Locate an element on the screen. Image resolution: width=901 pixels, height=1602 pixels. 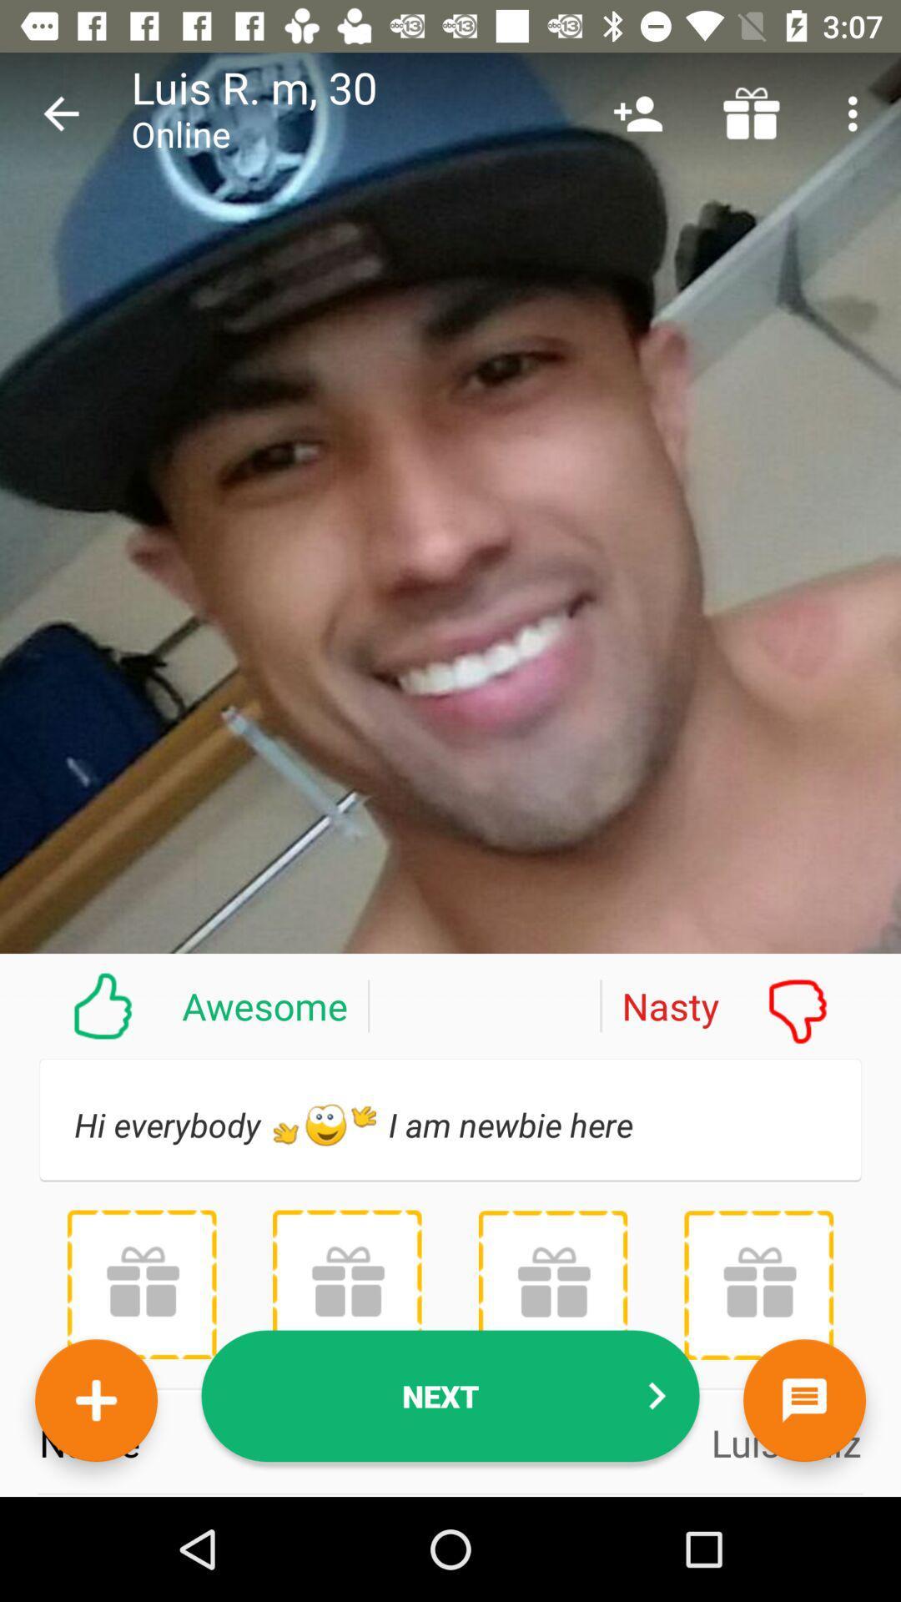
chat button is located at coordinates (803, 1400).